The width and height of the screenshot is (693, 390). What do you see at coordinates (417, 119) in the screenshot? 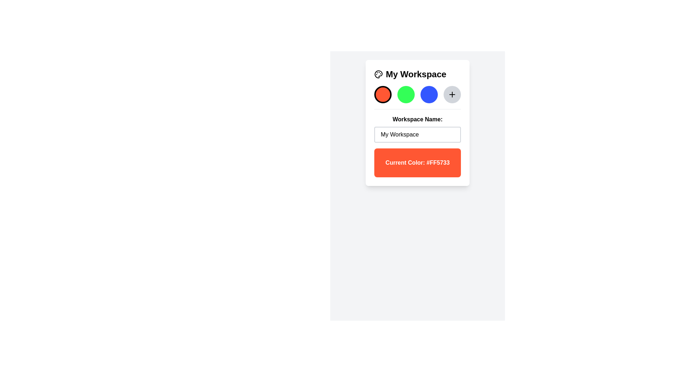
I see `the text label 'Workspace Name:' which is styled in bold font and positioned above the input field containing 'My Workspace'` at bounding box center [417, 119].